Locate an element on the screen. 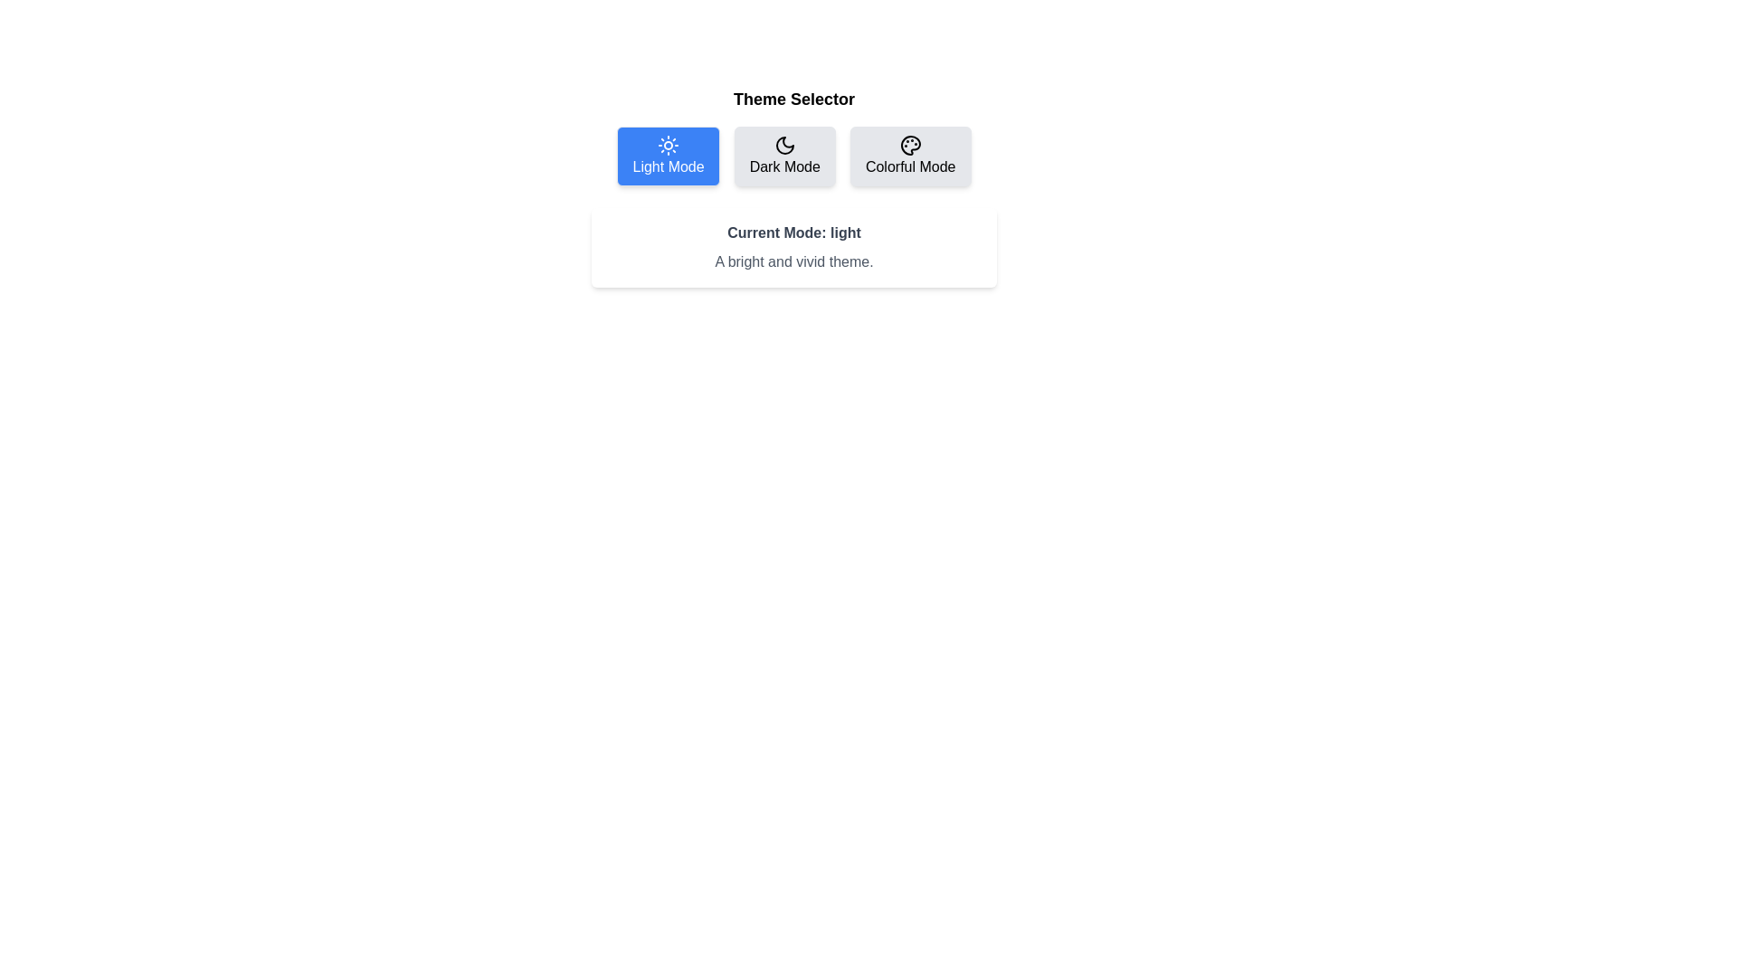  the 'Light Mode' option in the theme selection group to set the application theme is located at coordinates (668, 167).